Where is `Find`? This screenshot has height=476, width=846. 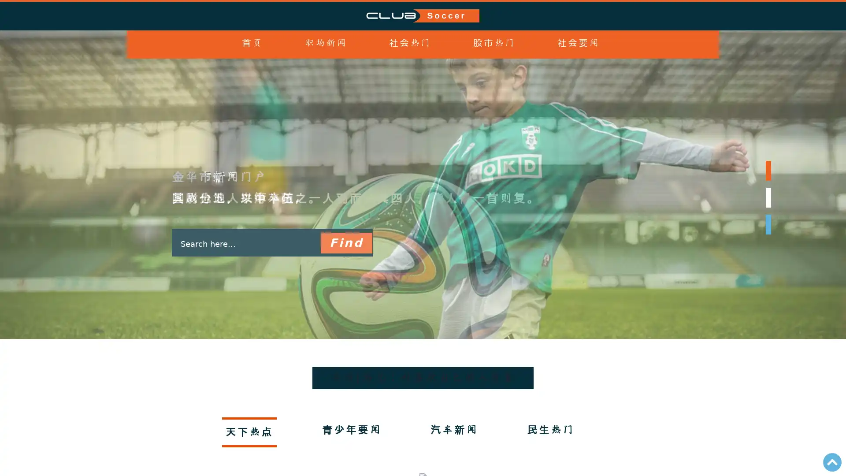 Find is located at coordinates (345, 243).